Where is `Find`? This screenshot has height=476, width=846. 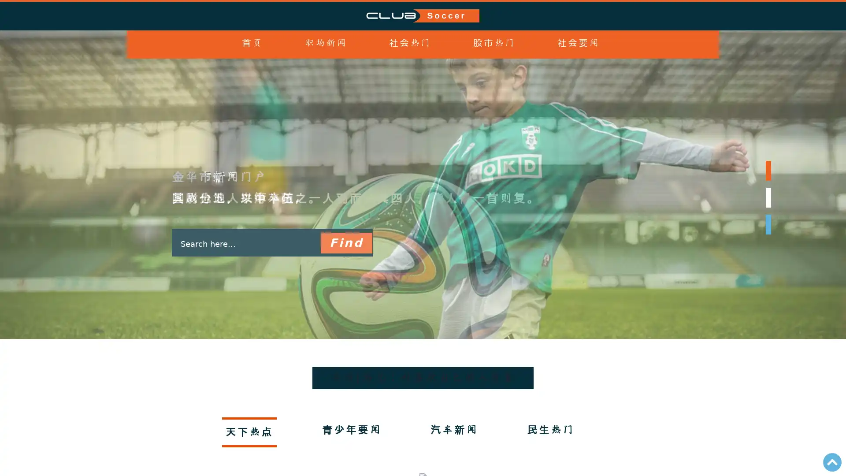 Find is located at coordinates (345, 243).